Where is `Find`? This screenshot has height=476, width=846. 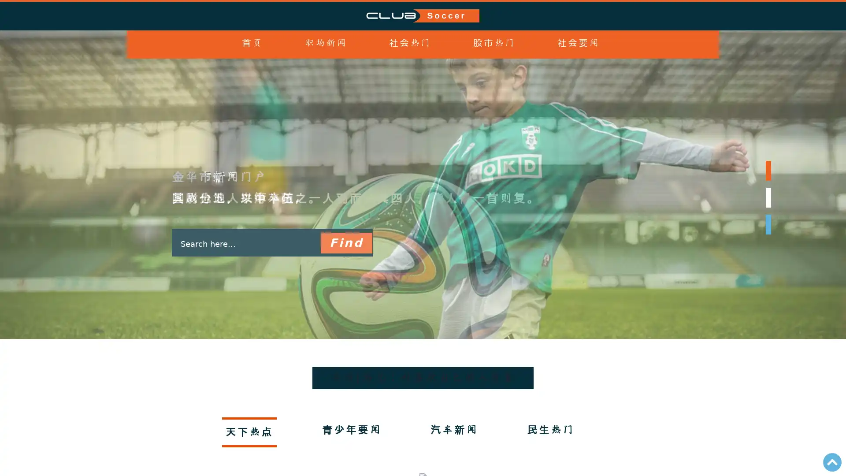 Find is located at coordinates (345, 243).